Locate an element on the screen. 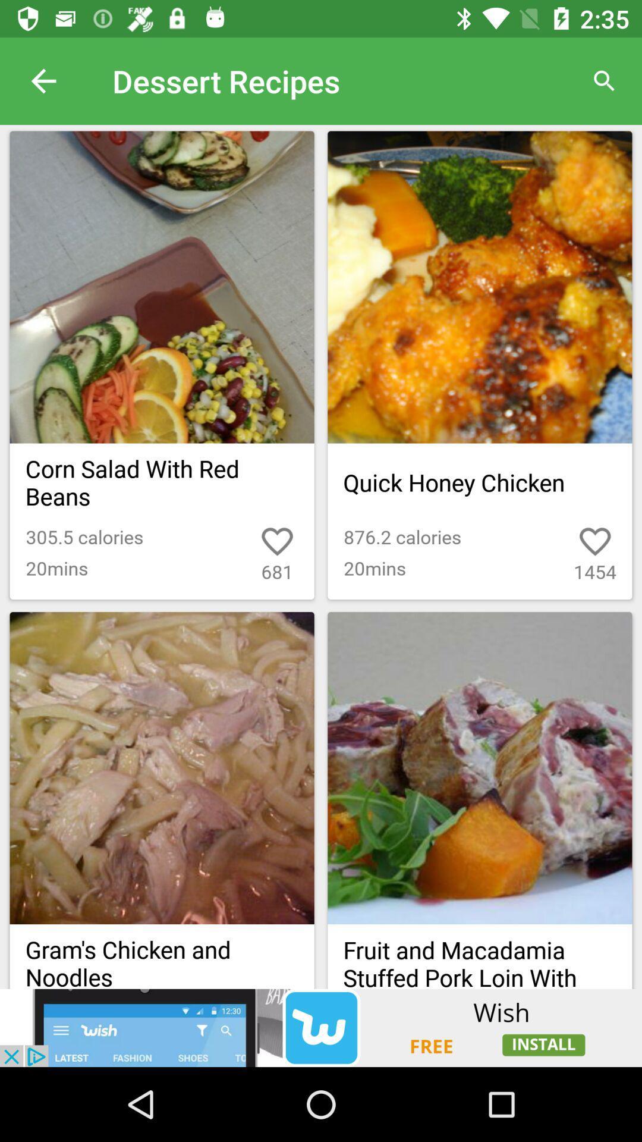 This screenshot has width=642, height=1142. the image below the search button on the web page is located at coordinates (479, 287).